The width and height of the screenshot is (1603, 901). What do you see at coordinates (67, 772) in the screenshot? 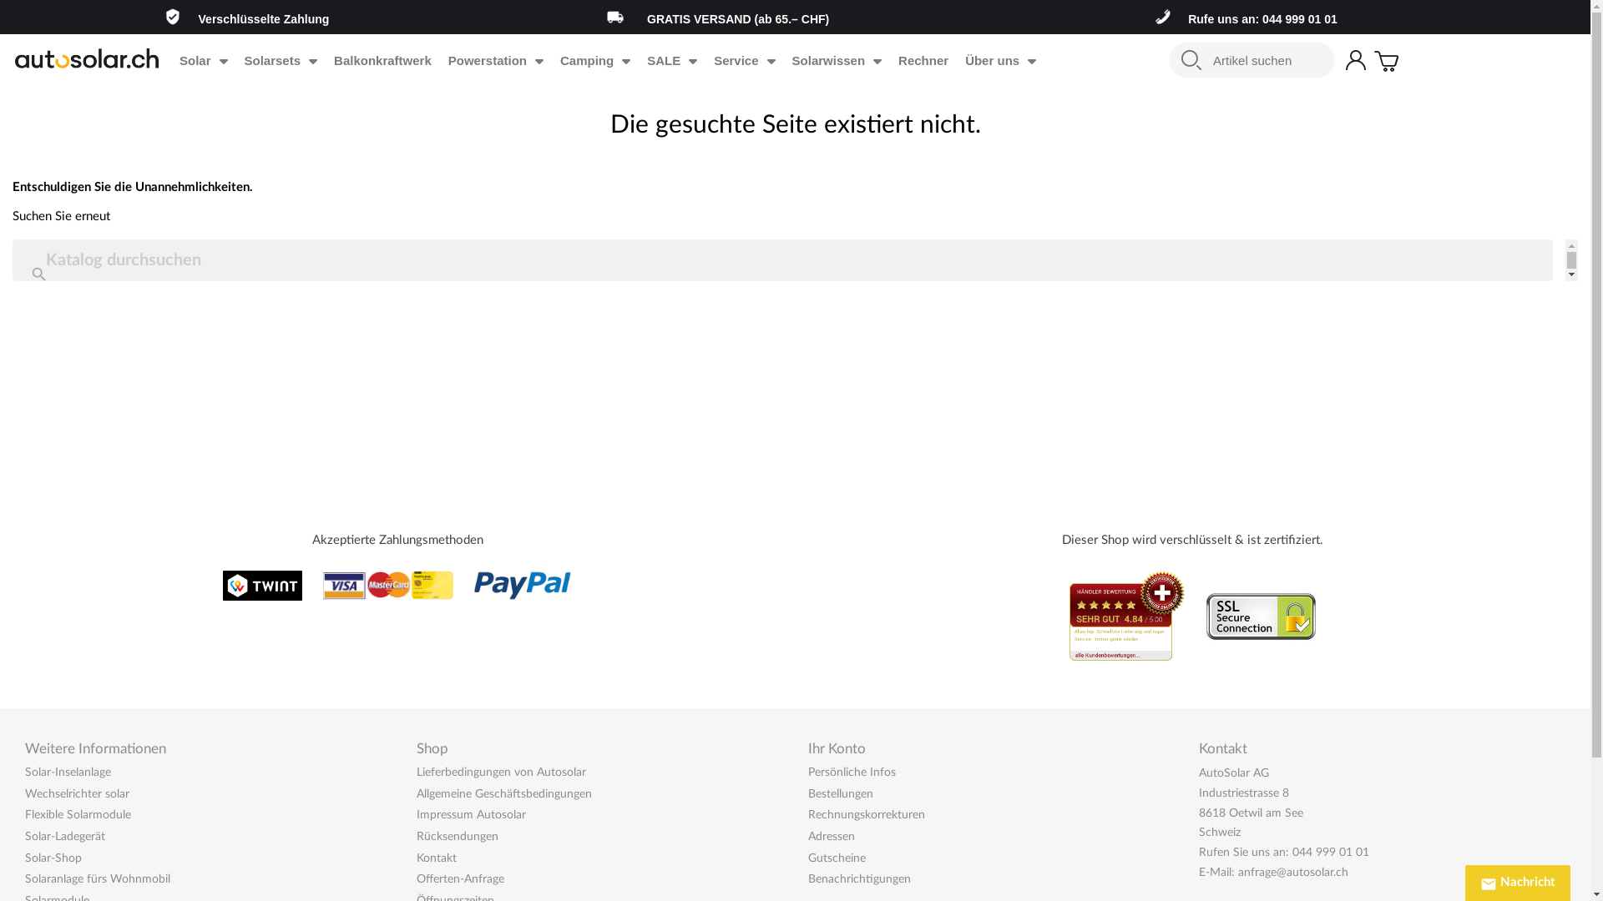
I see `'Solar-Inselanlage'` at bounding box center [67, 772].